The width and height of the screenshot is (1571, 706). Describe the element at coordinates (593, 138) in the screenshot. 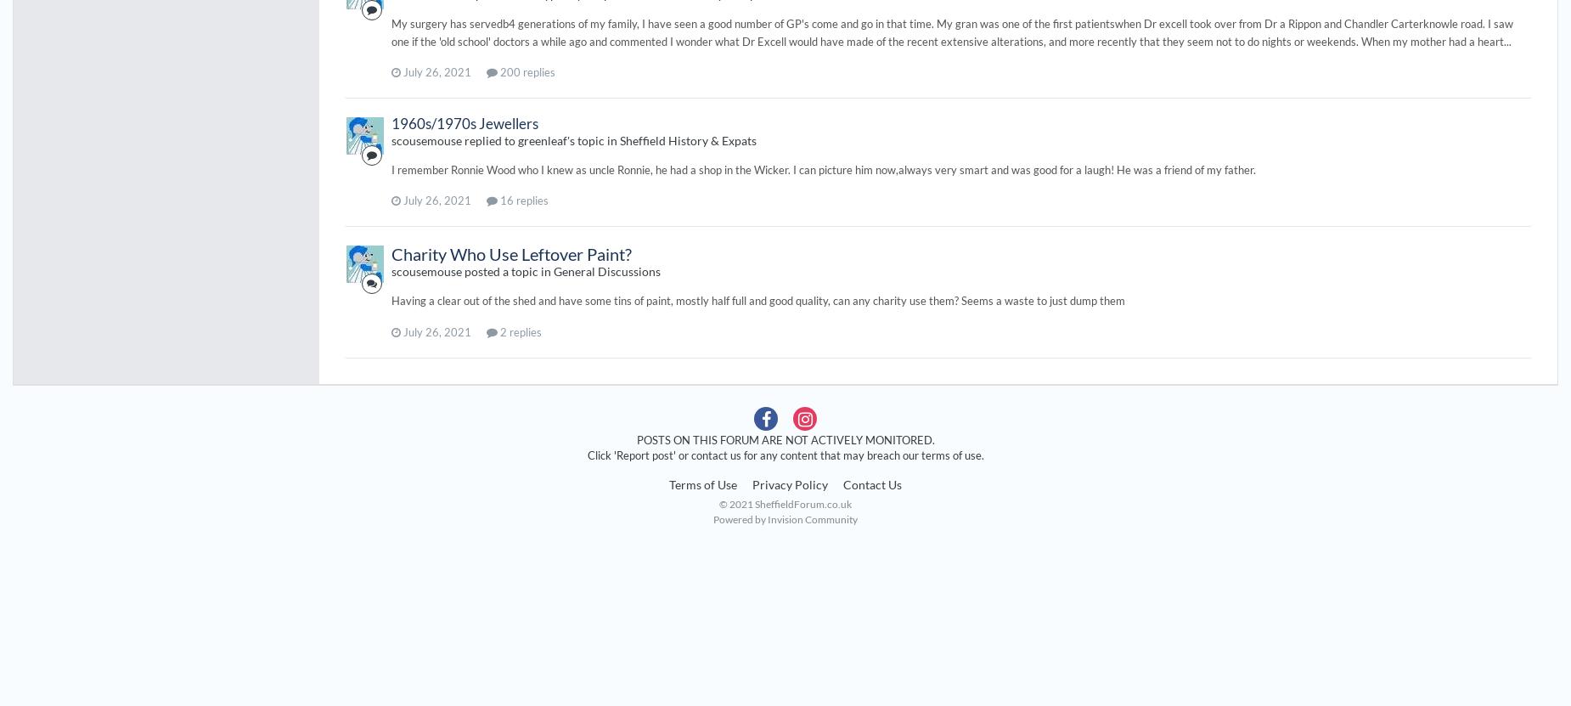

I see `''s topic in'` at that location.